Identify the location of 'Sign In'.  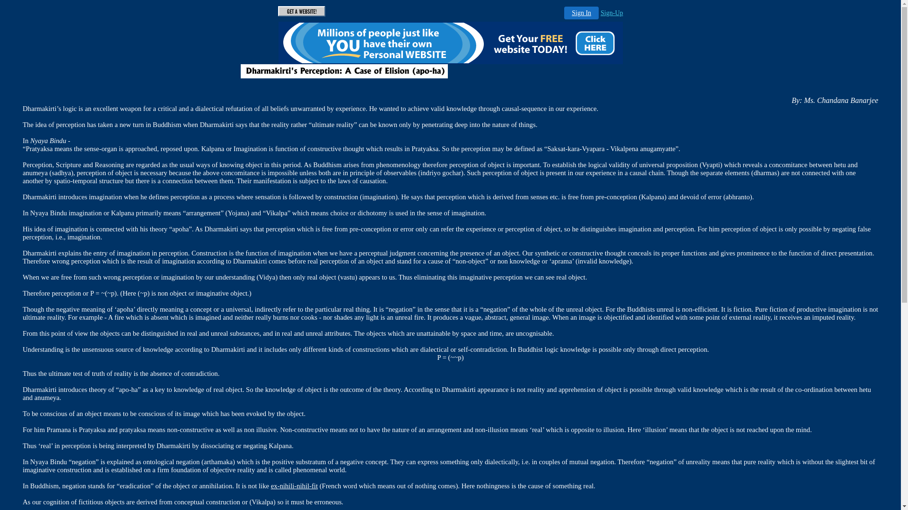
(581, 13).